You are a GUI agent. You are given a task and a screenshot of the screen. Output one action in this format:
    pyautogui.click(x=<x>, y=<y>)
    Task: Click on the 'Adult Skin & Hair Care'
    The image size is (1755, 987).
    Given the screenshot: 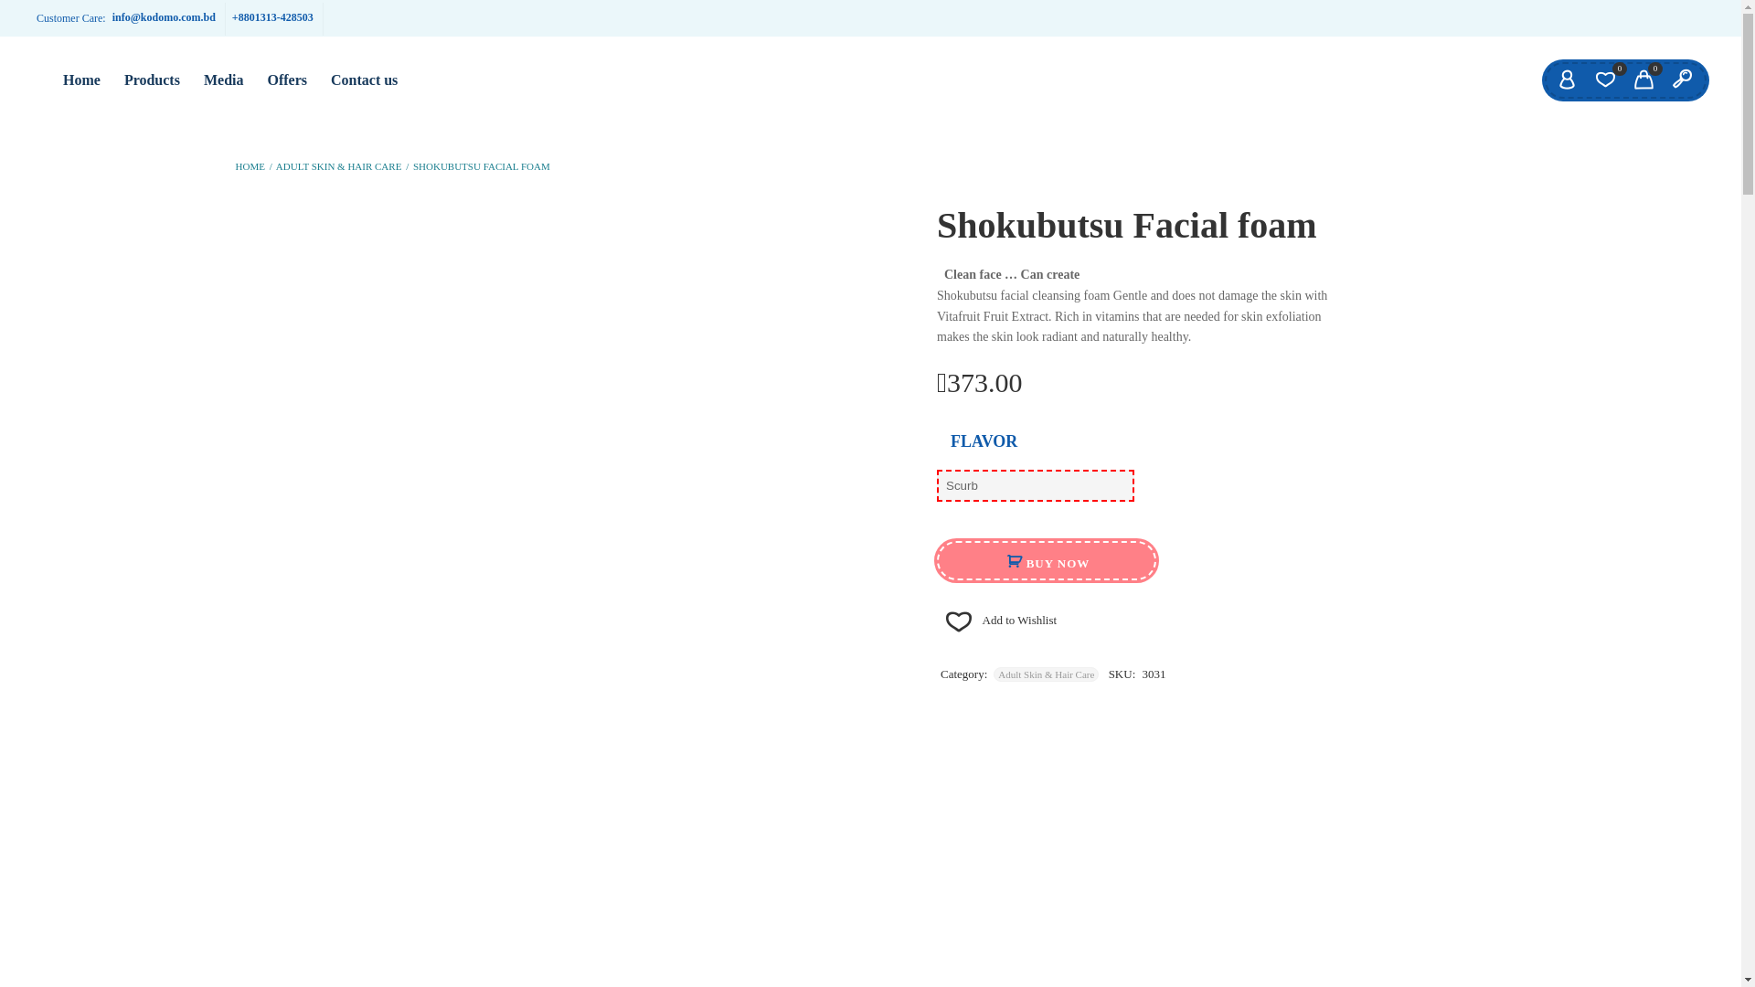 What is the action you would take?
    pyautogui.click(x=992, y=674)
    